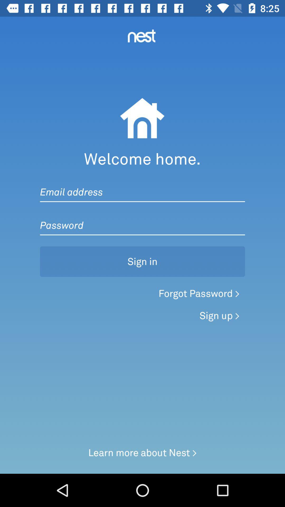 This screenshot has width=285, height=507. I want to click on text field, so click(142, 187).